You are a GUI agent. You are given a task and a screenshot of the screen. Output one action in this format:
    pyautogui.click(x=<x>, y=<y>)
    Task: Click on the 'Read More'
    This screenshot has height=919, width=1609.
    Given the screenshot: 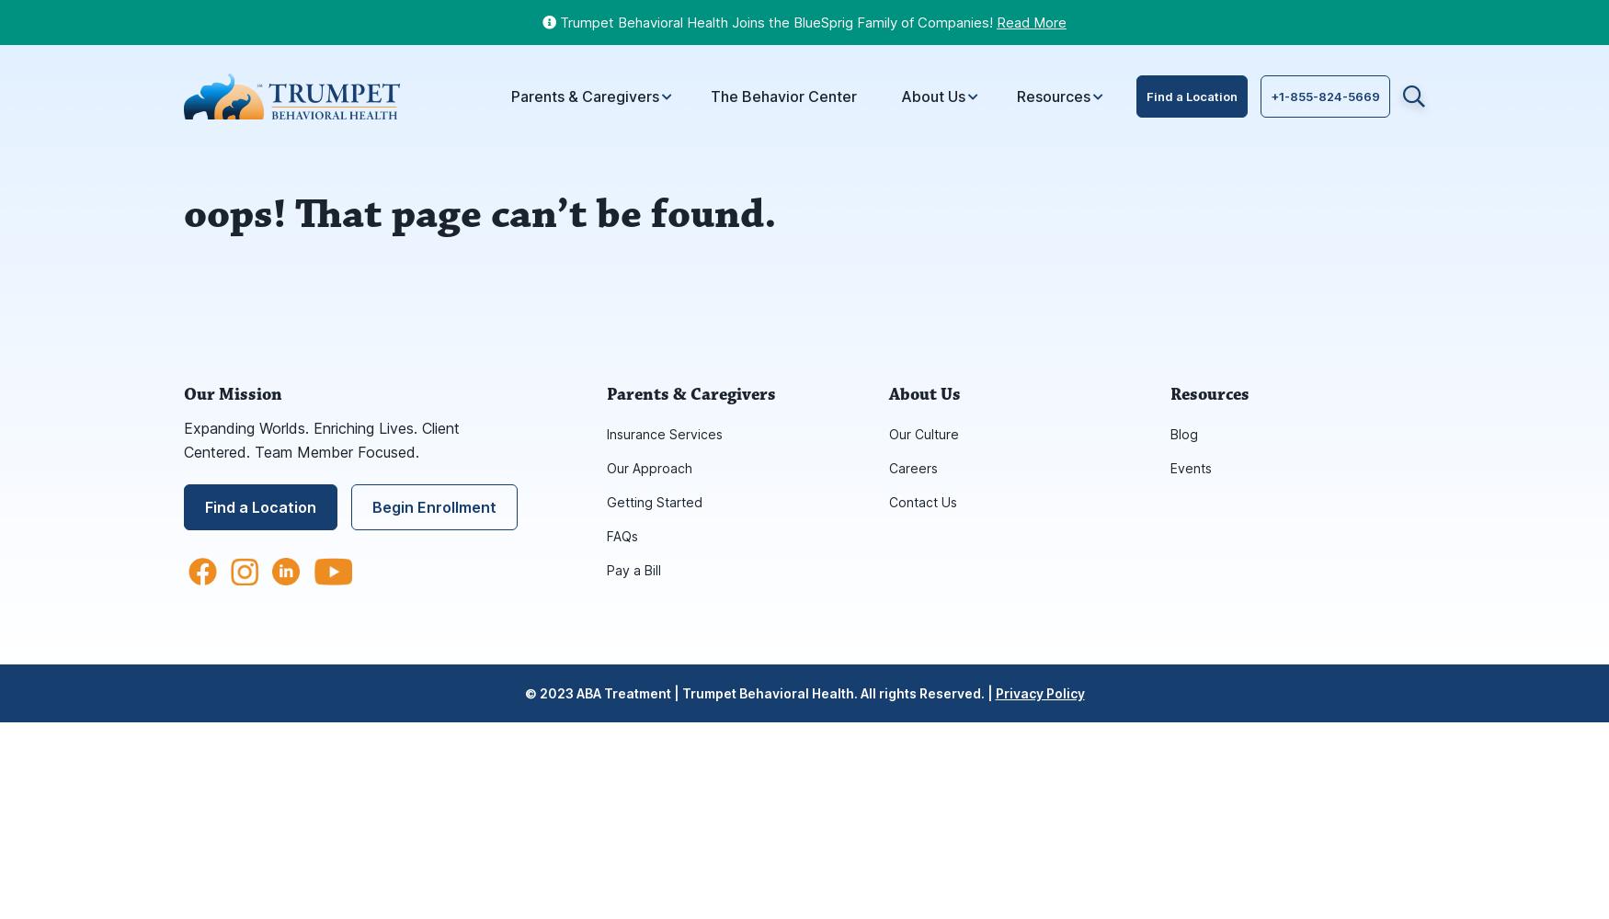 What is the action you would take?
    pyautogui.click(x=996, y=22)
    